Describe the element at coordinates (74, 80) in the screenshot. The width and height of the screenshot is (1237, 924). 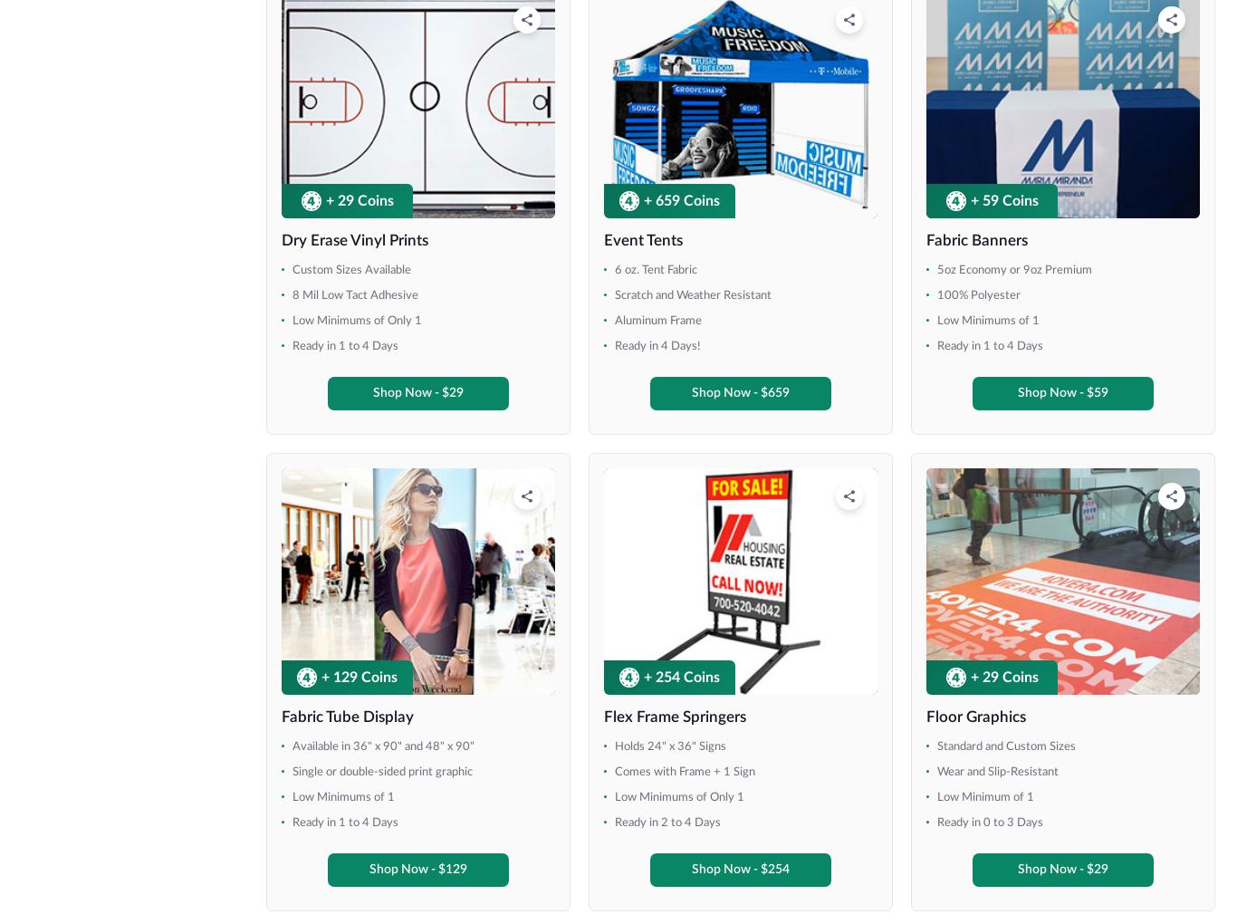
I see `'48" x 48"'` at that location.